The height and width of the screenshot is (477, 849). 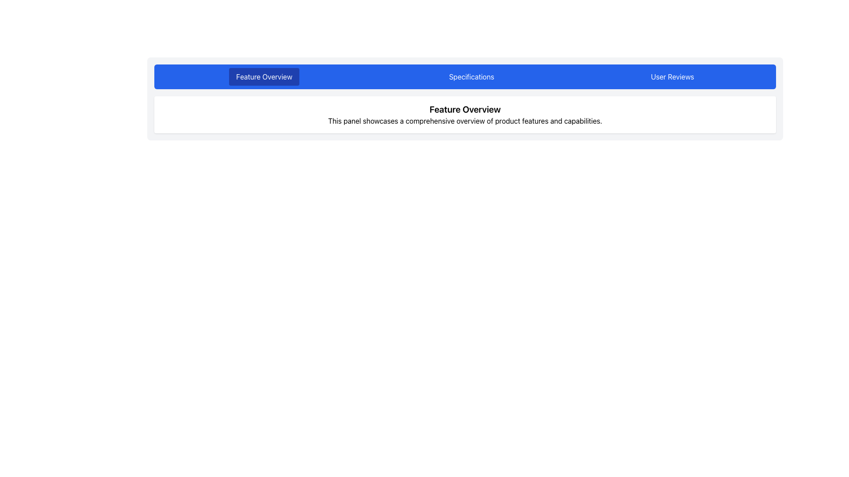 I want to click on text label located below the 'Feature Overview' title, which provides an introduction to the features section of the interface, so click(x=464, y=121).